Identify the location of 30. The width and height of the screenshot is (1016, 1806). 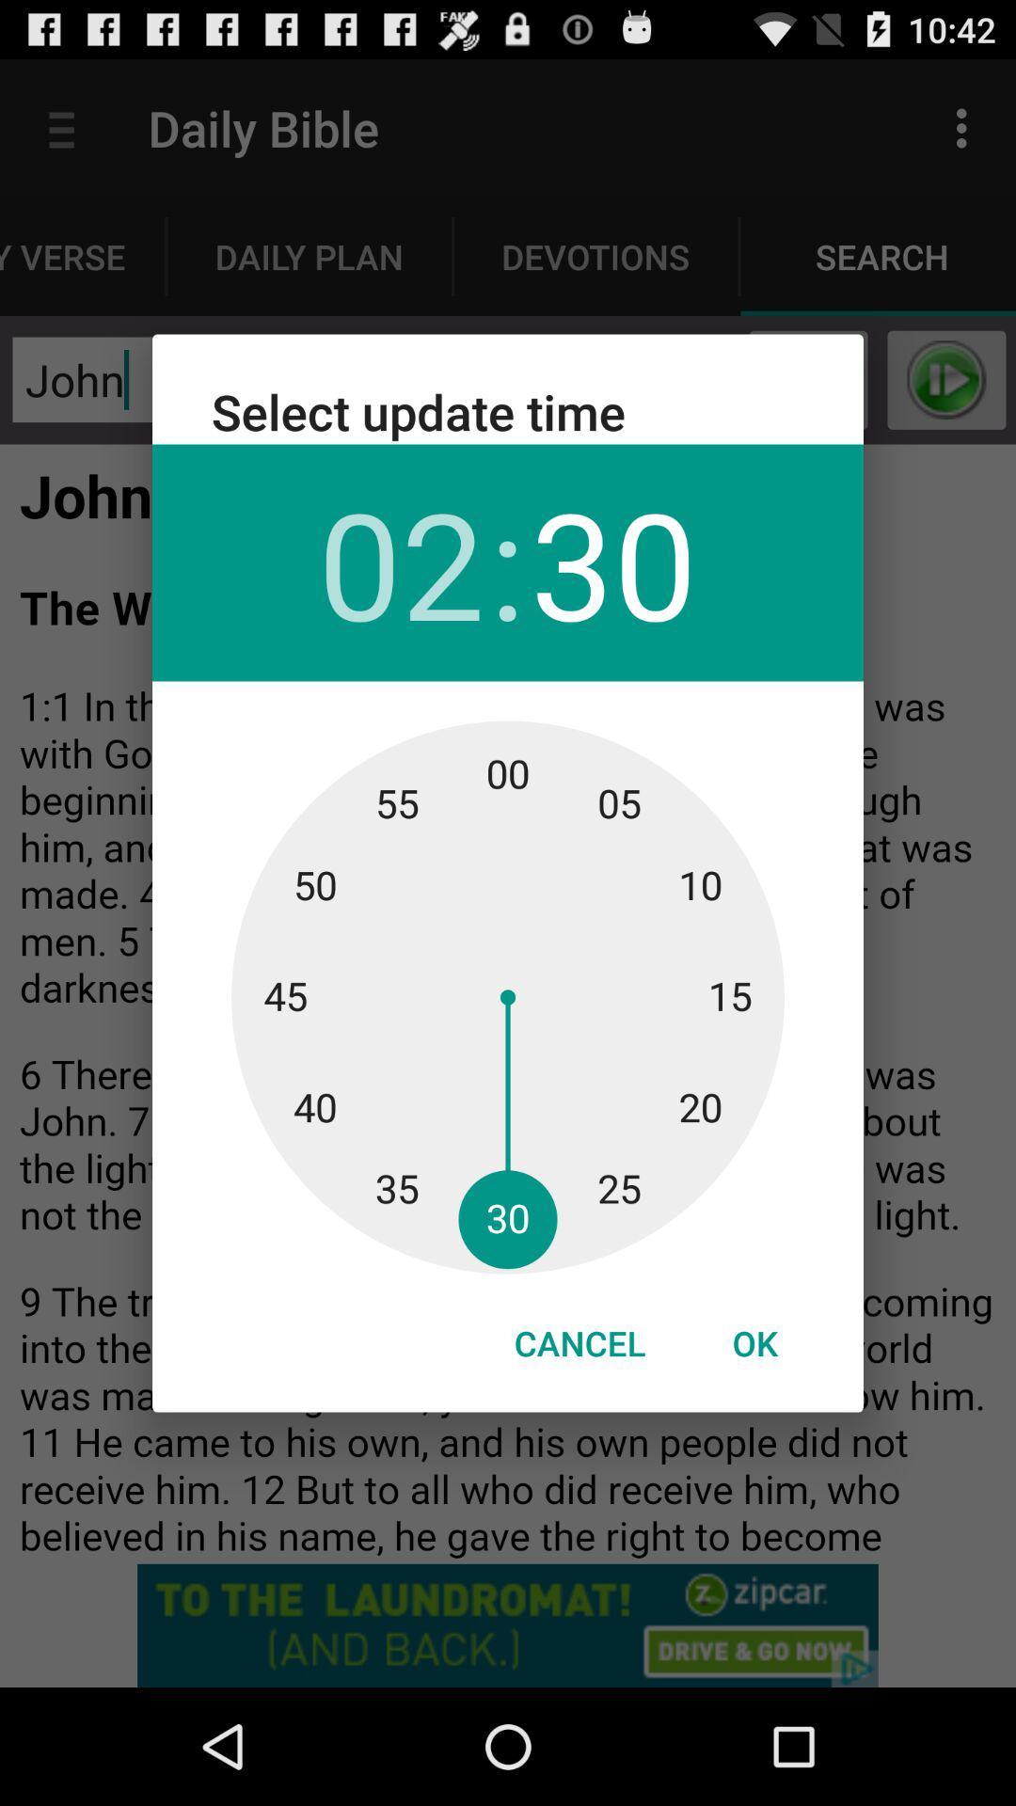
(613, 562).